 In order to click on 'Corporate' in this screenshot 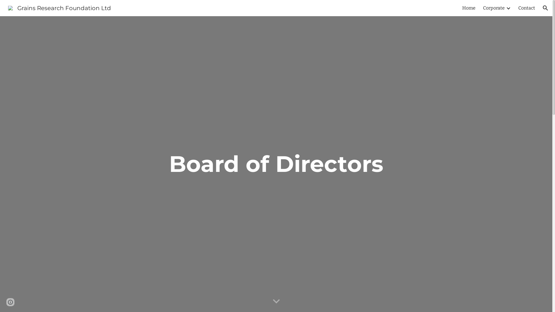, I will do `click(493, 8)`.